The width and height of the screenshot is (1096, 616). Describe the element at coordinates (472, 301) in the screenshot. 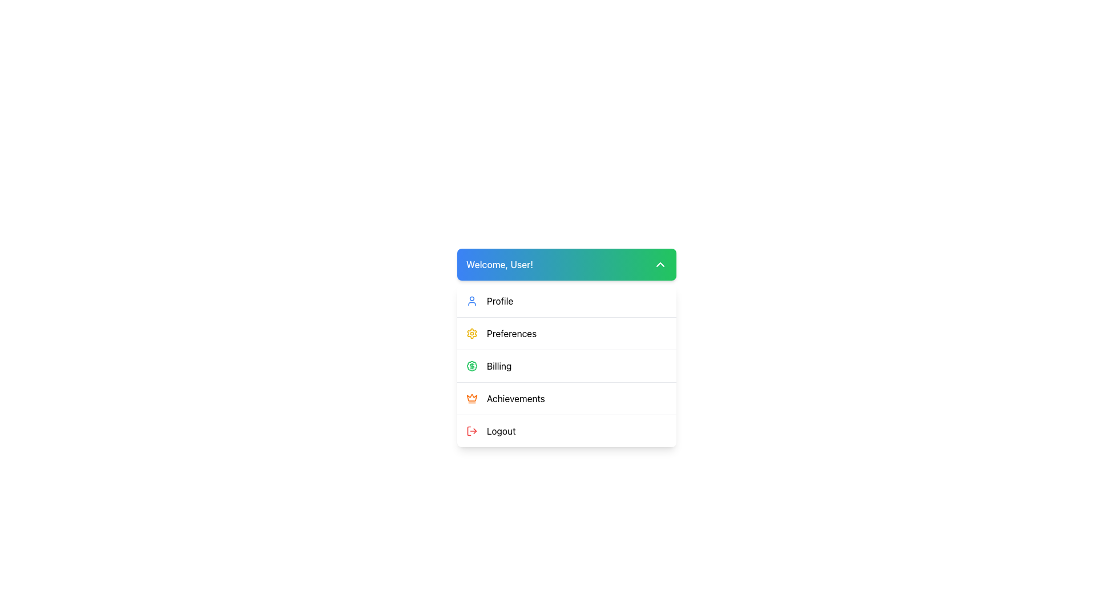

I see `the 'Profile' icon, which visually represents user-related settings or information, located to the left of the text 'Profile' in the dropdown menu under 'Welcome, User!'` at that location.